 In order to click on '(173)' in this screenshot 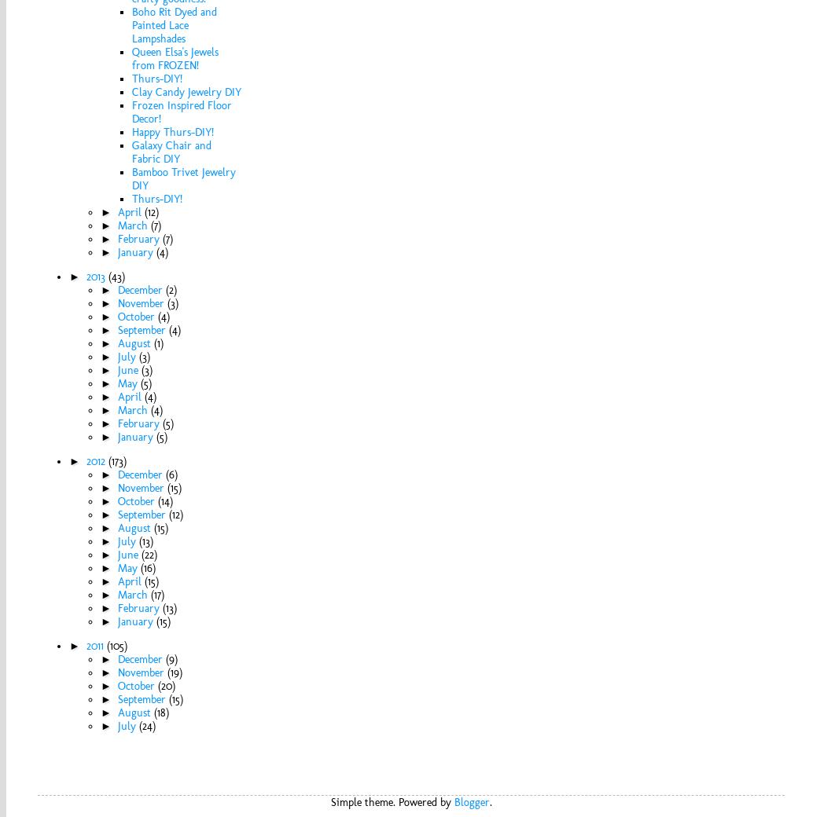, I will do `click(107, 460)`.